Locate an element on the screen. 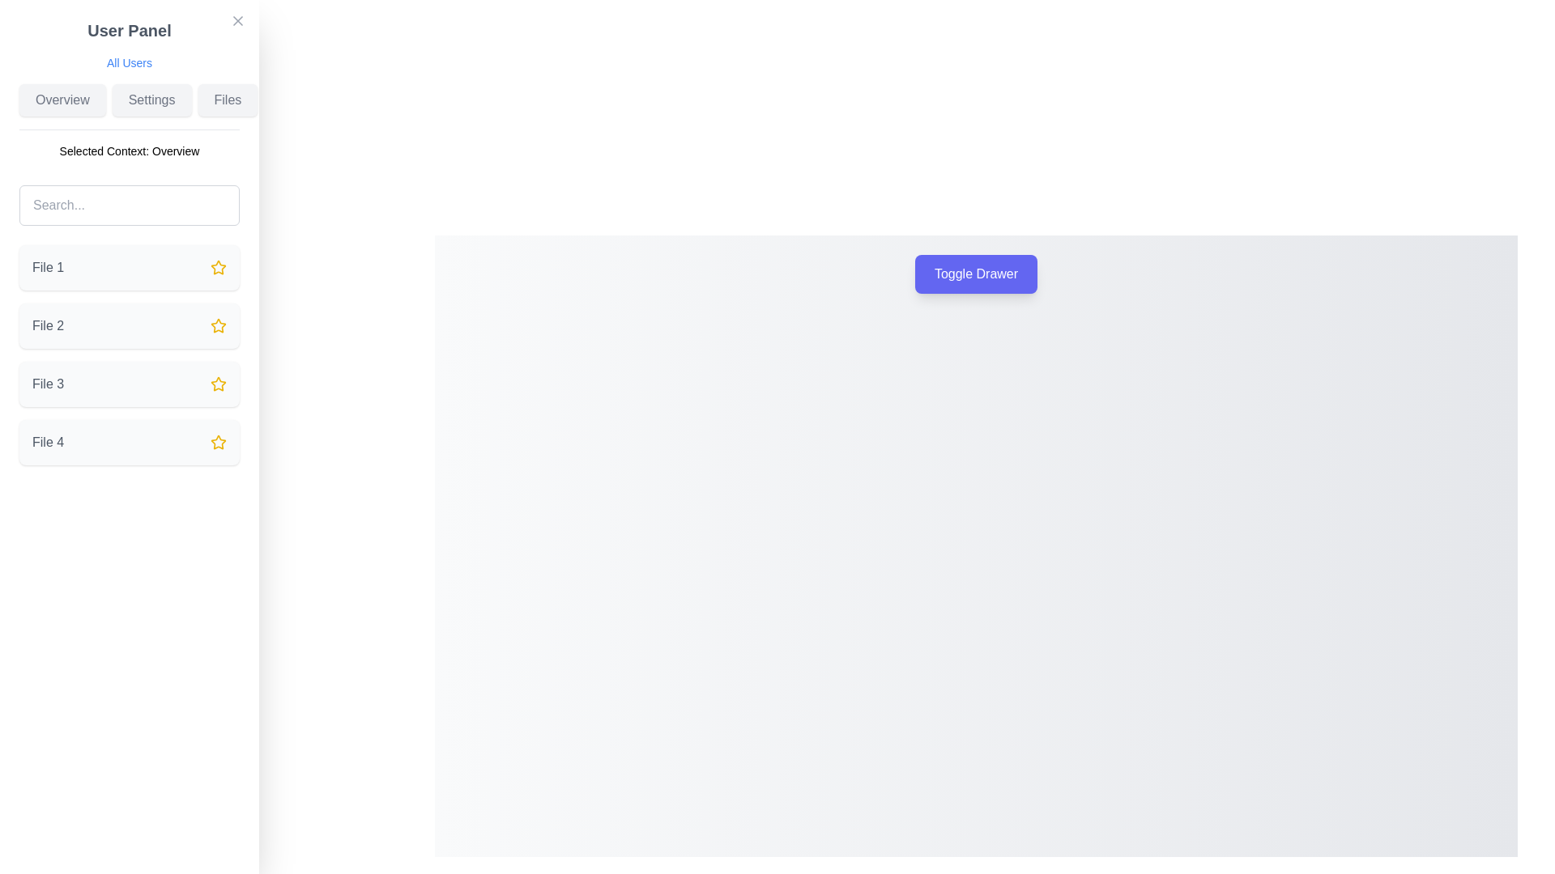  the star-shaped icon with a yellow outline associated with 'File 2' is located at coordinates (217, 325).